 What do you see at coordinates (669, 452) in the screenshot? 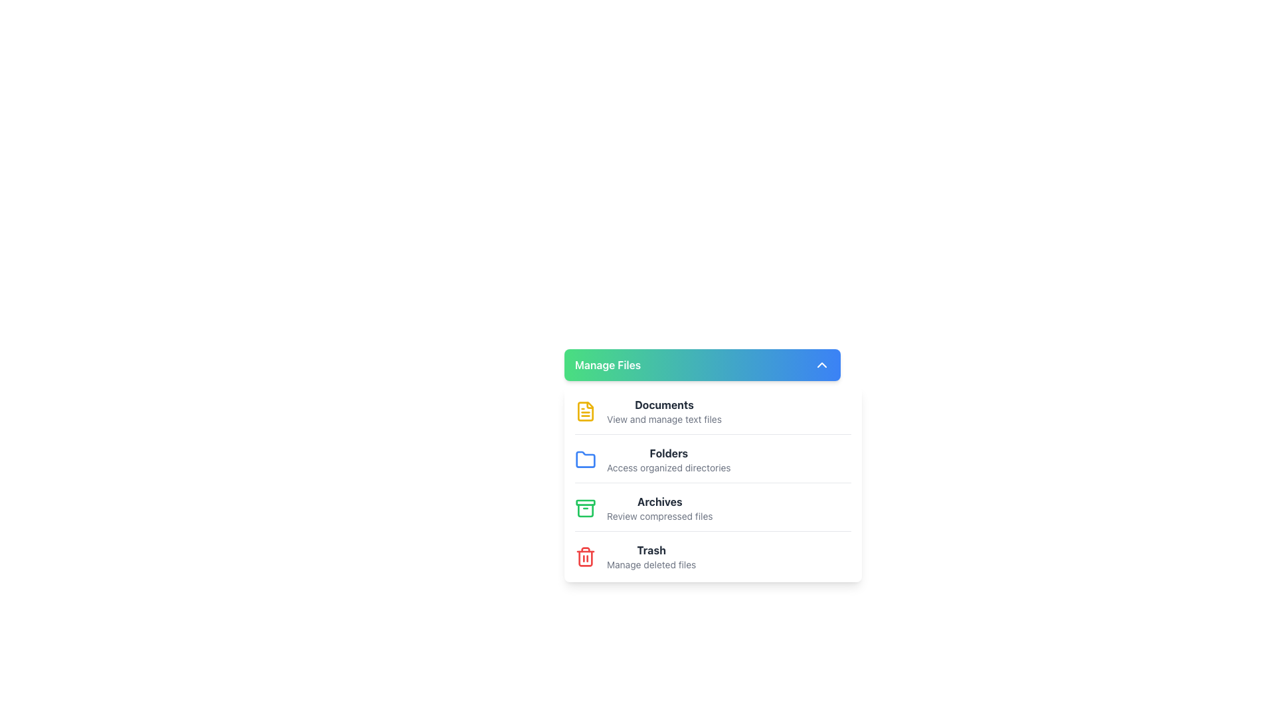
I see `the text label for accessing folders or organized directories, located below the header 'Manage Files' and above 'Access organized directories'` at bounding box center [669, 452].